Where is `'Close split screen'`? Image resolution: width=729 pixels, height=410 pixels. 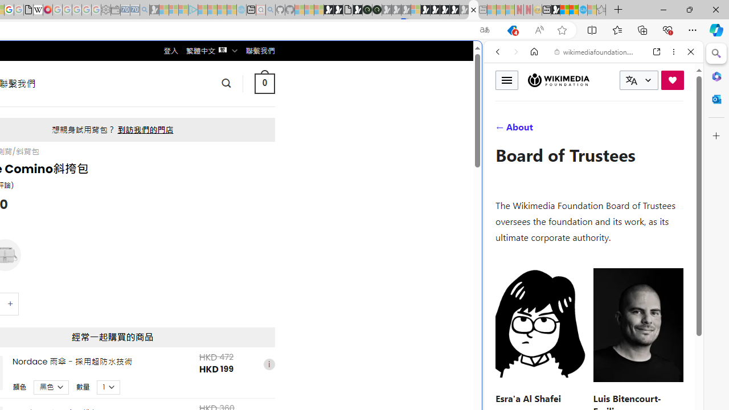
'Close split screen' is located at coordinates (481, 58).